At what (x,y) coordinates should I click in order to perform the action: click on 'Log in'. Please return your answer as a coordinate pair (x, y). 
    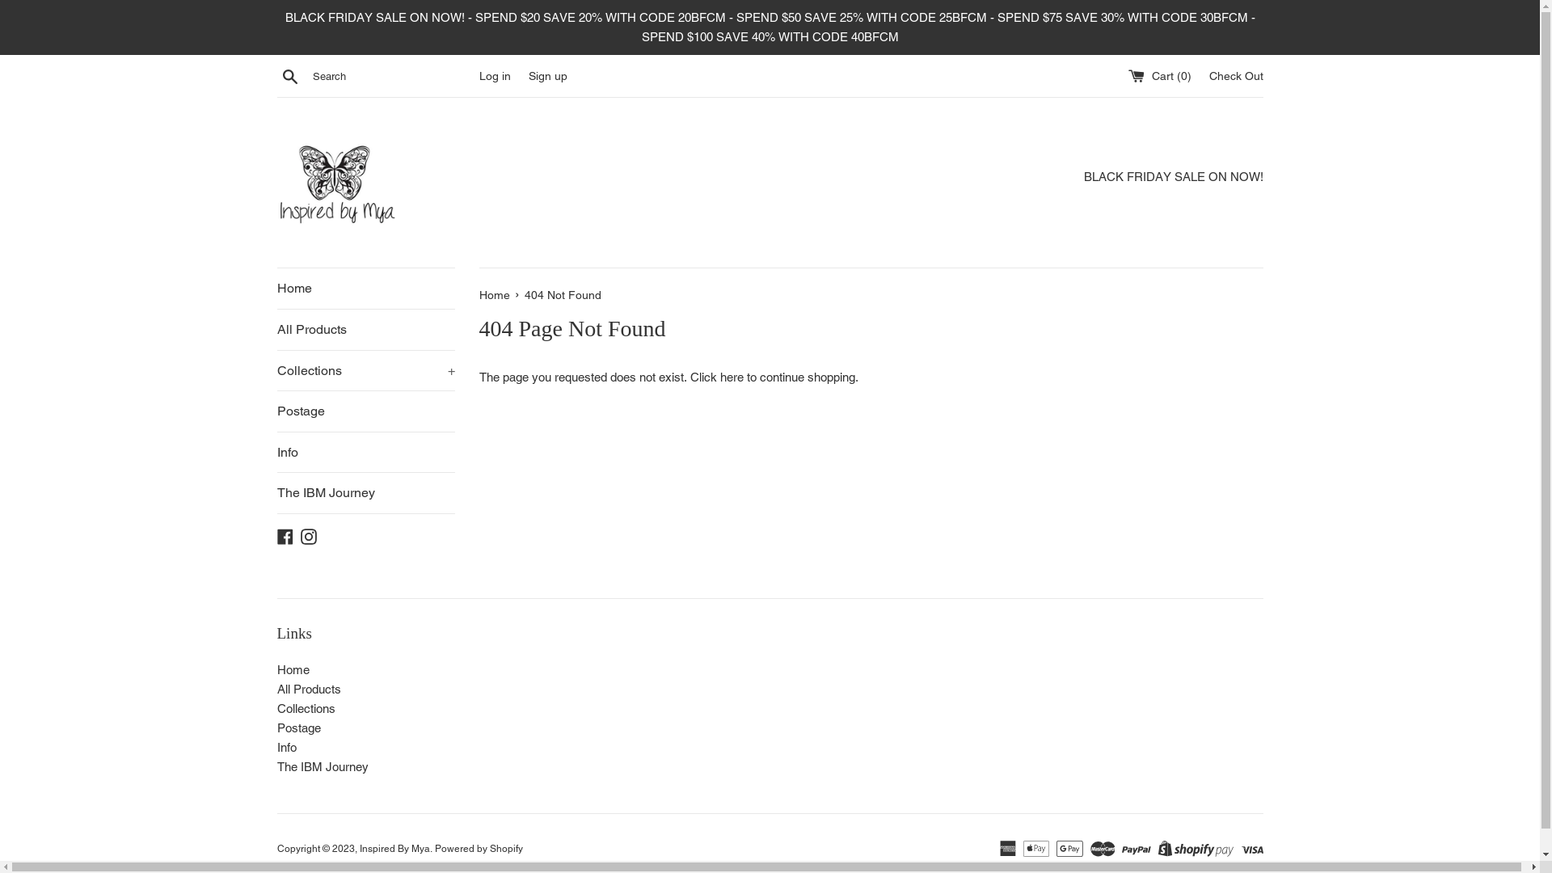
    Looking at the image, I should click on (493, 75).